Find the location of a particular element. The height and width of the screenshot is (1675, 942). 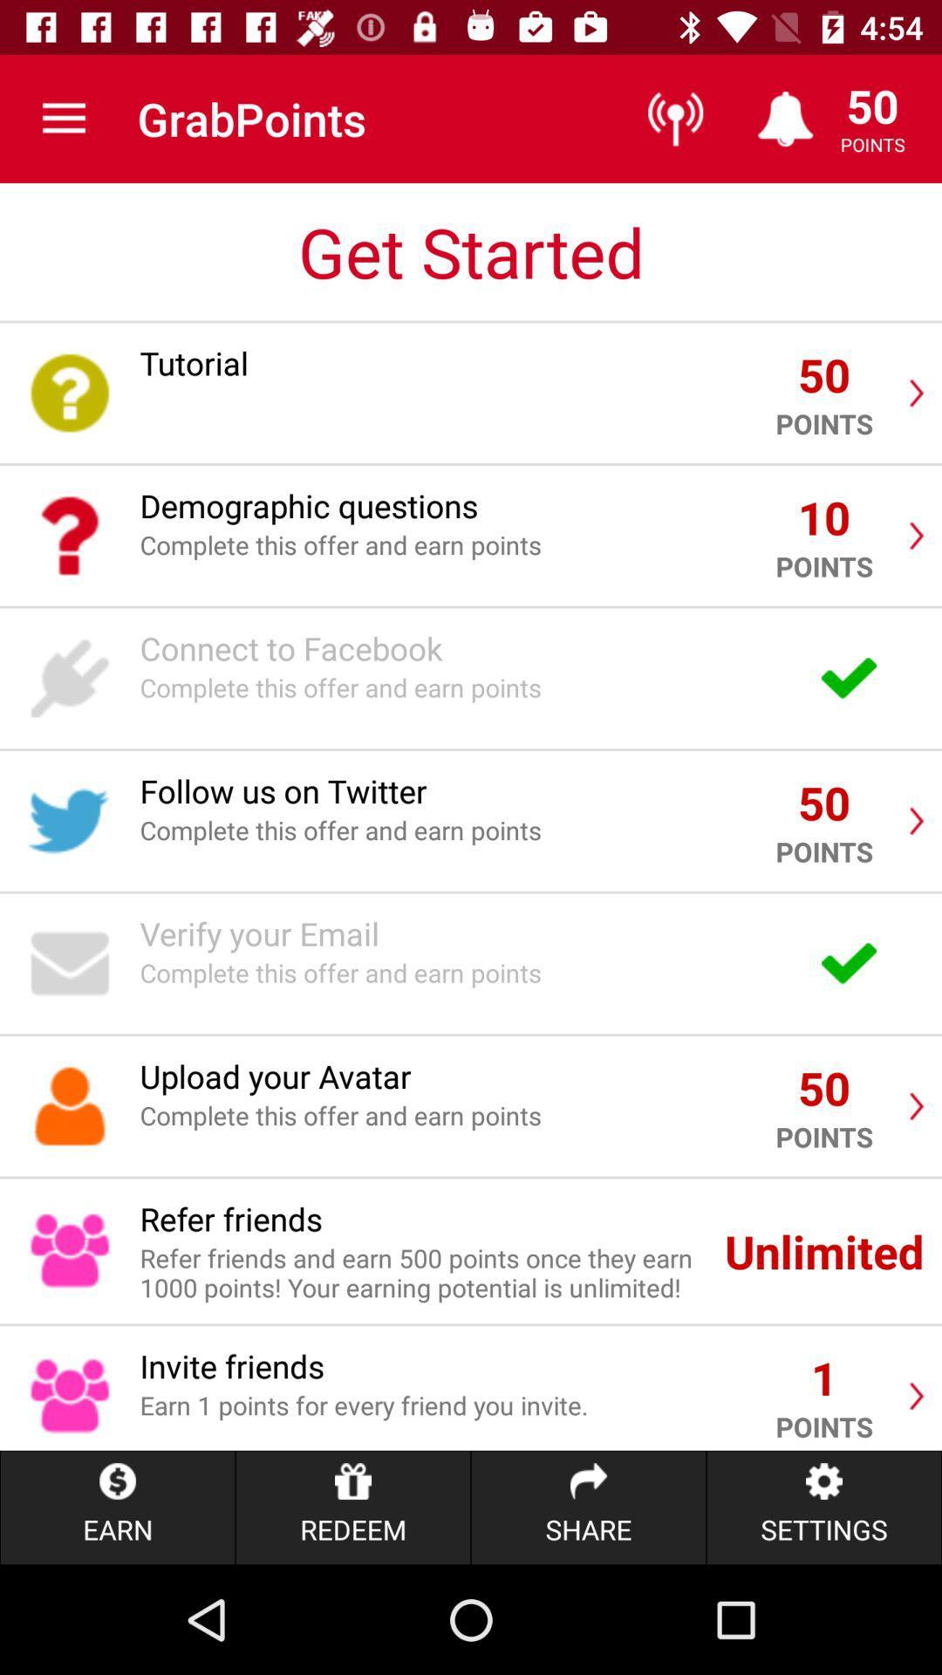

the share icon is located at coordinates (589, 1507).